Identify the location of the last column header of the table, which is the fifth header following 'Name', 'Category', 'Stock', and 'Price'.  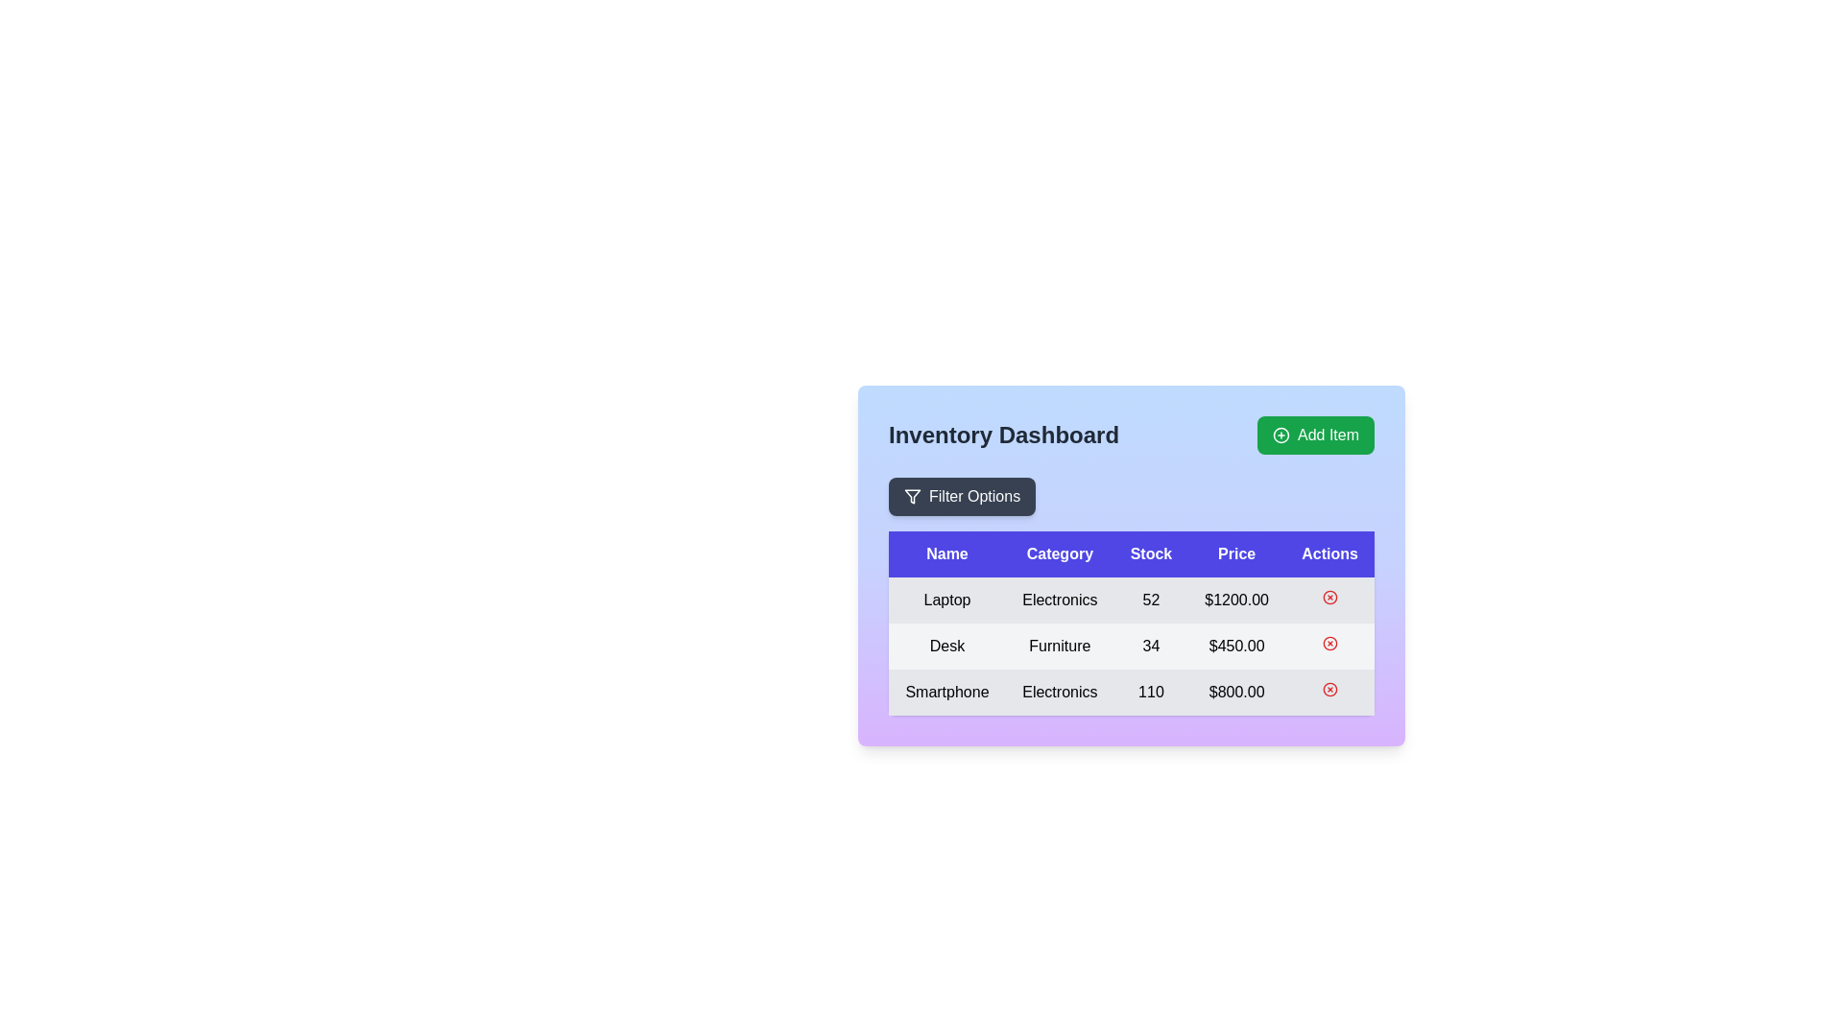
(1328, 554).